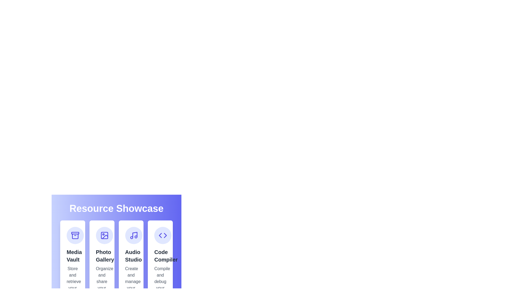  I want to click on the music note icon located at the top-center of the 'Audio Studio' card, so click(134, 235).